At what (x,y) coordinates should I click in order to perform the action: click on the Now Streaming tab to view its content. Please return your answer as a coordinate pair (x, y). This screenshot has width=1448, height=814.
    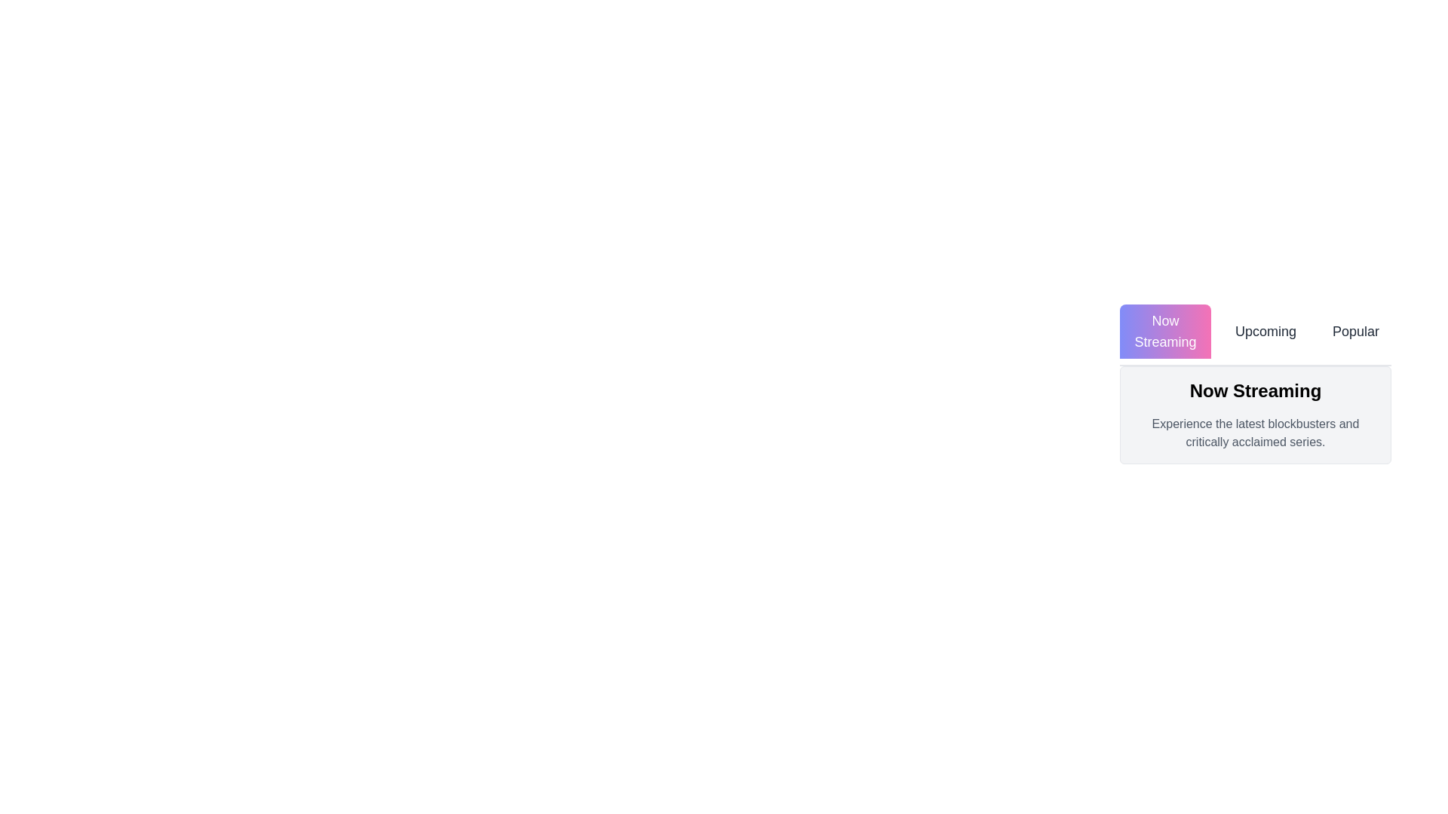
    Looking at the image, I should click on (1164, 330).